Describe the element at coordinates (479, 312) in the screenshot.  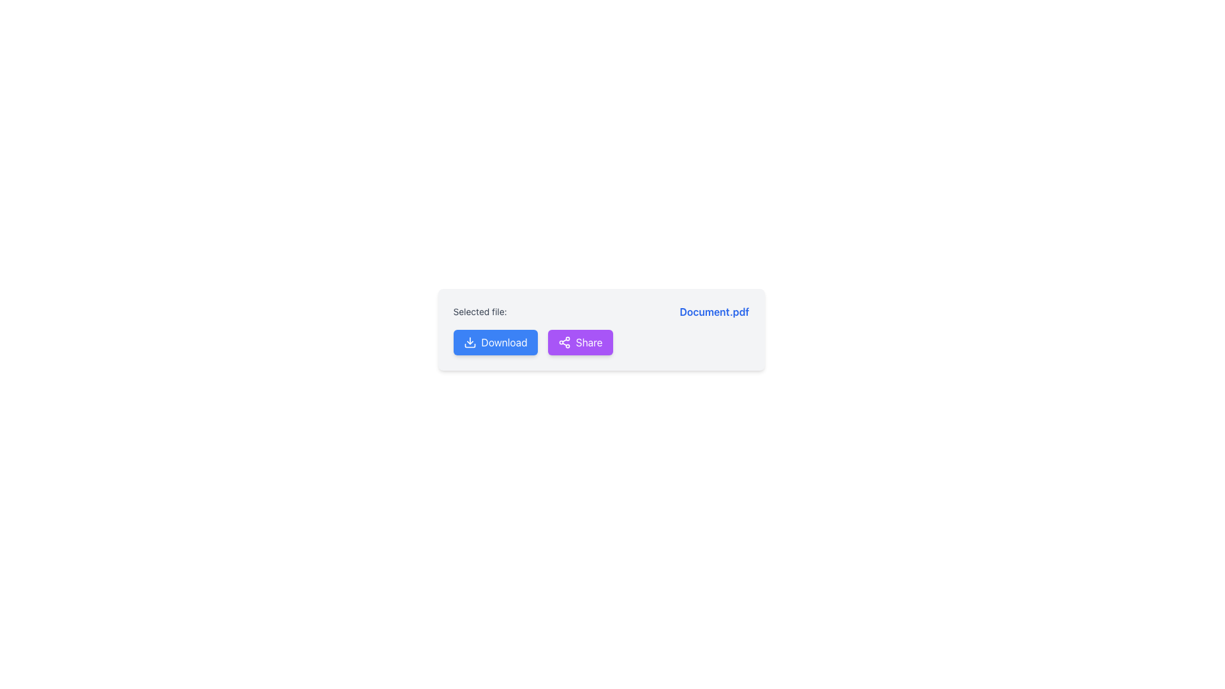
I see `the label text 'Selected file:' which is styled in gray and is part of a component containing the file name 'Document.pdf'` at that location.